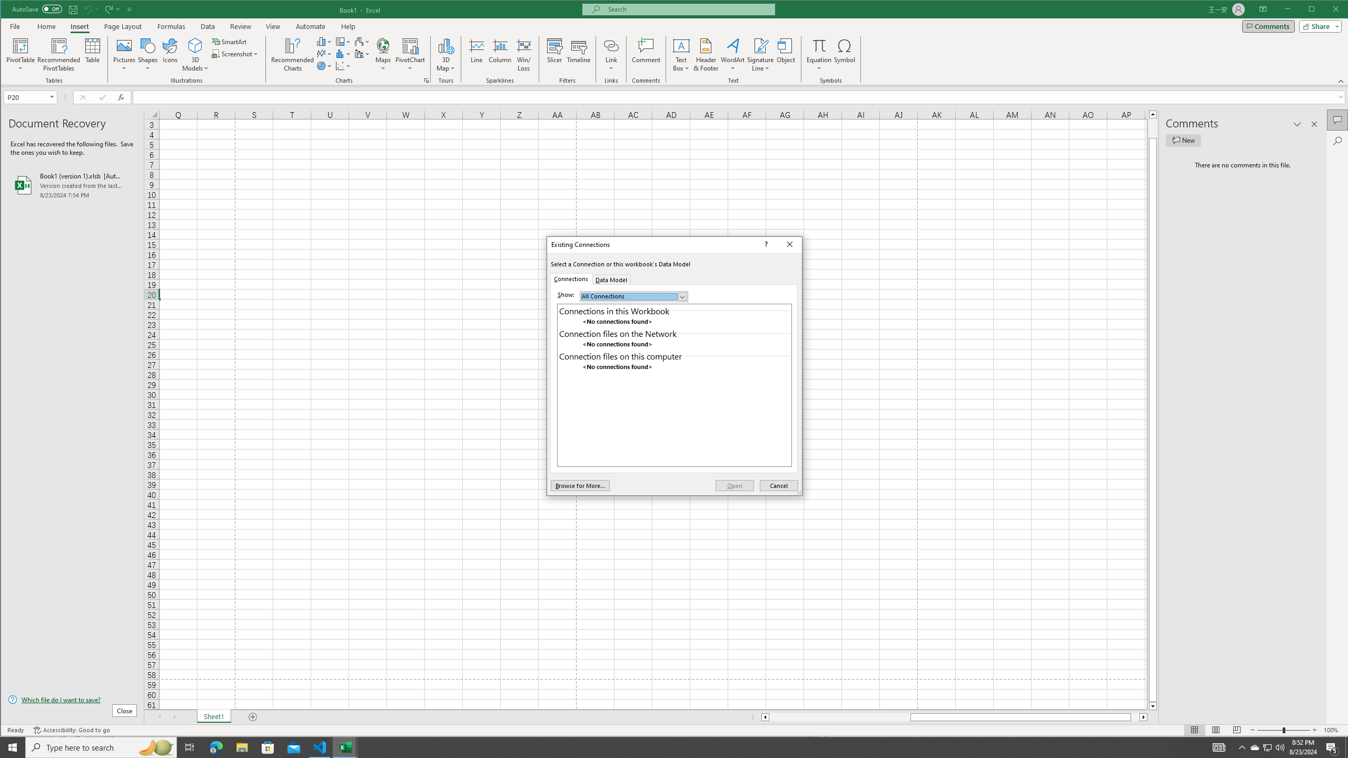 Image resolution: width=1348 pixels, height=758 pixels. I want to click on 'Visual Studio Code - 1 running window', so click(320, 746).